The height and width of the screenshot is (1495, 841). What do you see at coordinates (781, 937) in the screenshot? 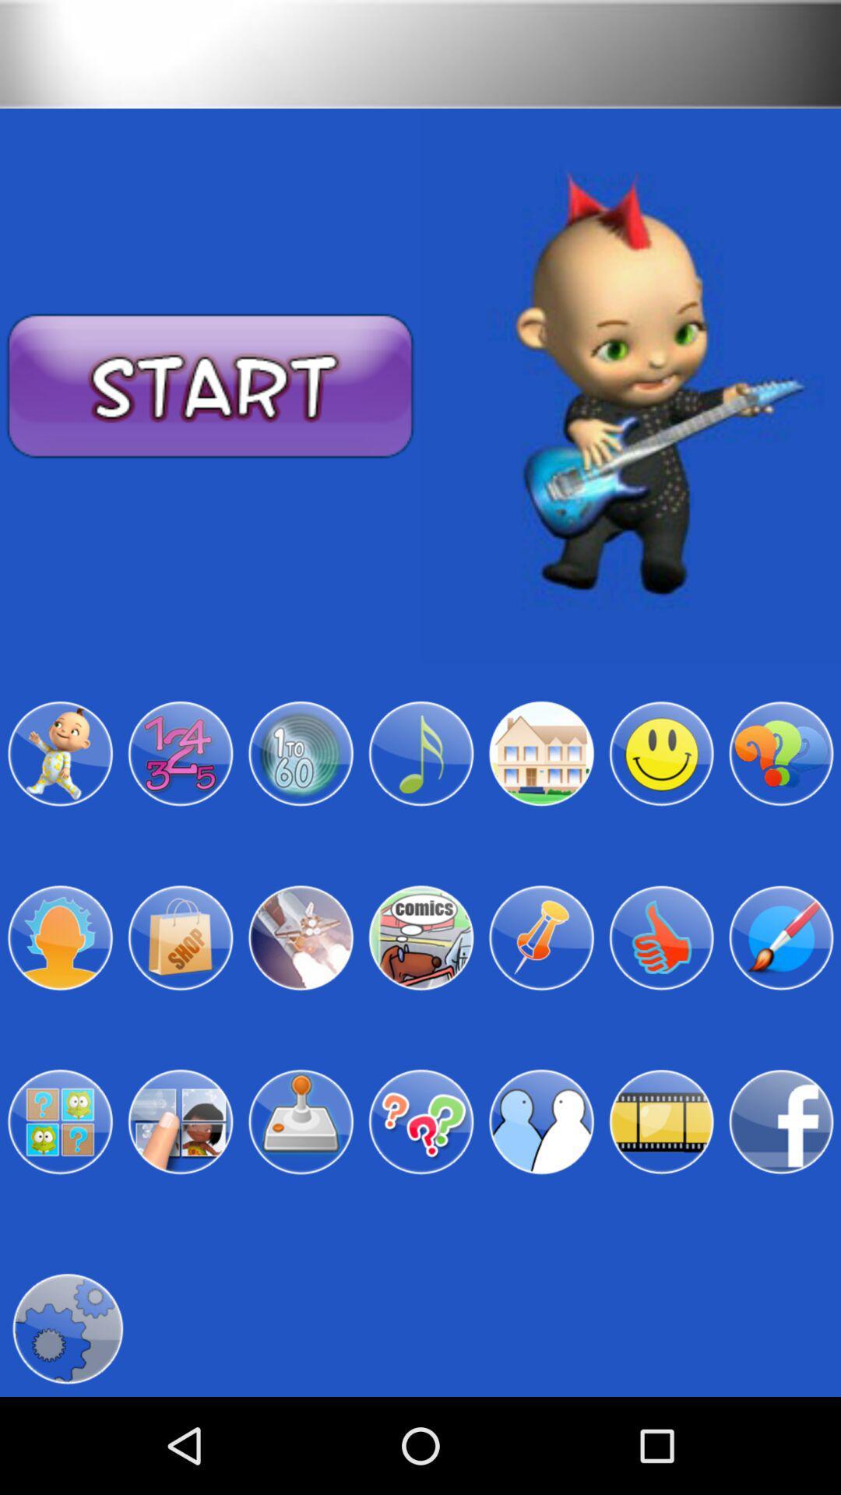
I see `orange box flashing for selecting icon` at bounding box center [781, 937].